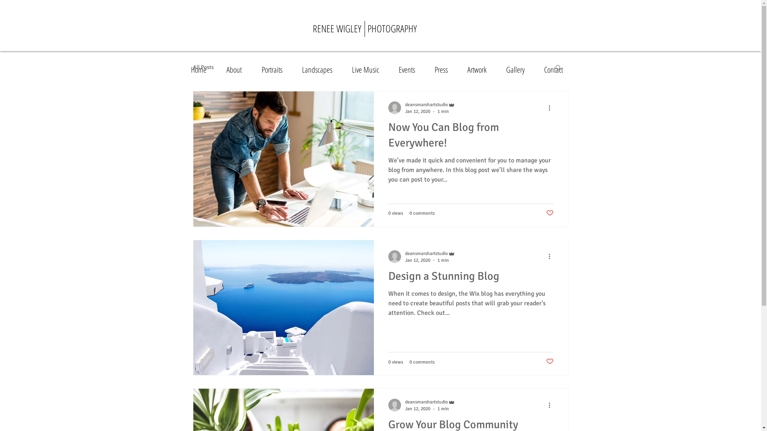  Describe the element at coordinates (429, 104) in the screenshot. I see `'deansmarshartstudio'` at that location.